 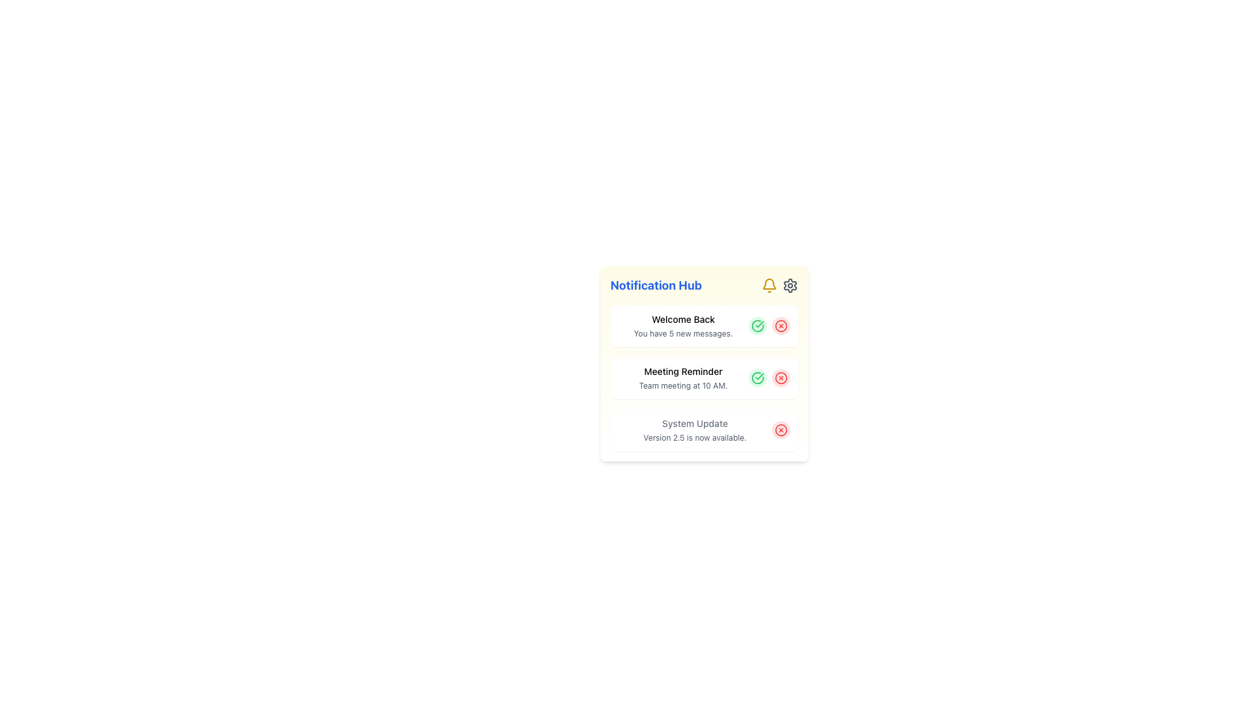 What do you see at coordinates (757, 325) in the screenshot?
I see `the circular icon with a green border and a green check mark, located to the right of the second item in the 'Meeting Reminder' list` at bounding box center [757, 325].